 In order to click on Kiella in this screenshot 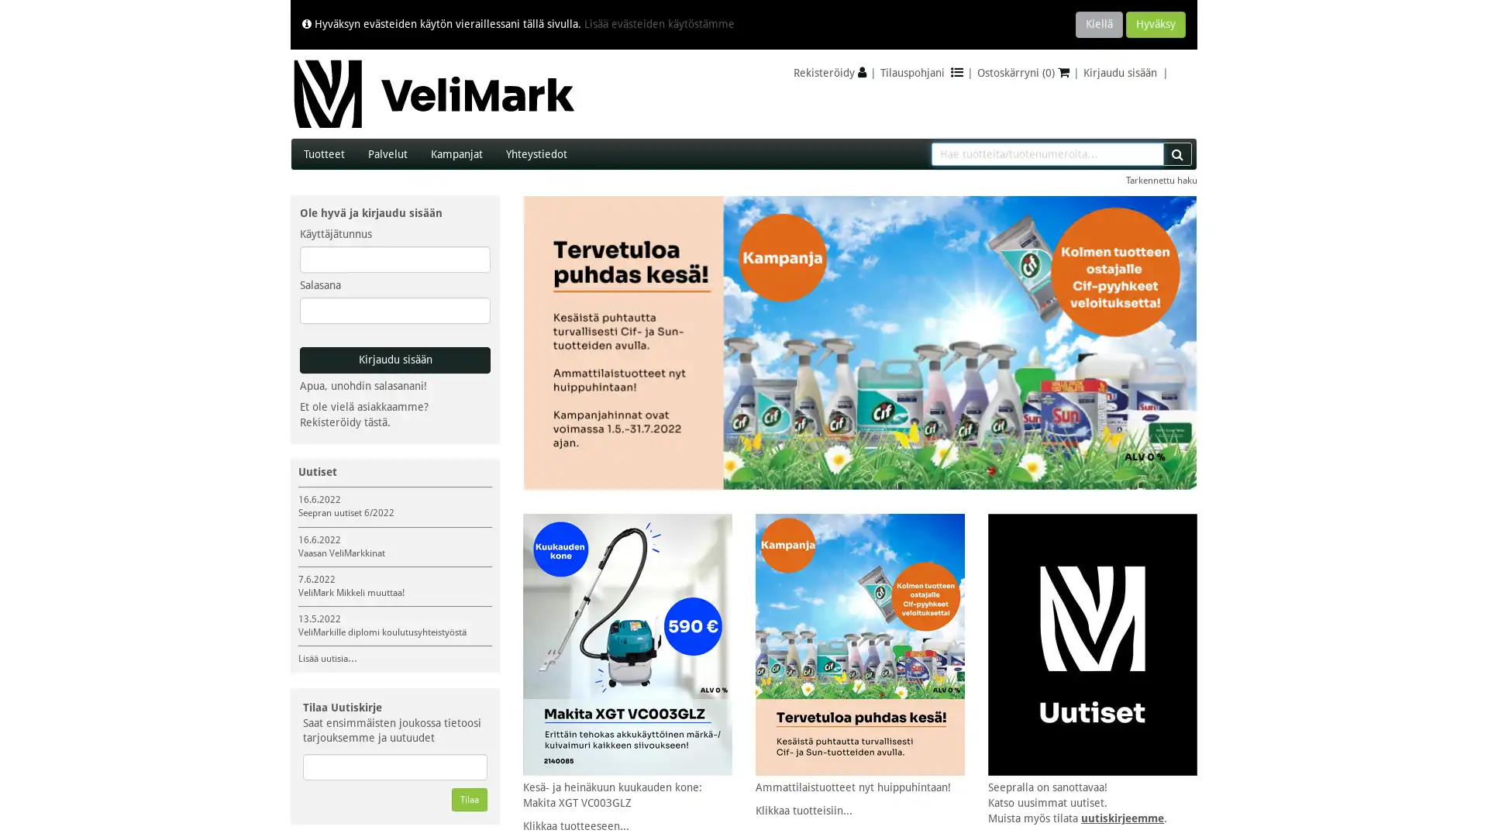, I will do `click(1098, 24)`.